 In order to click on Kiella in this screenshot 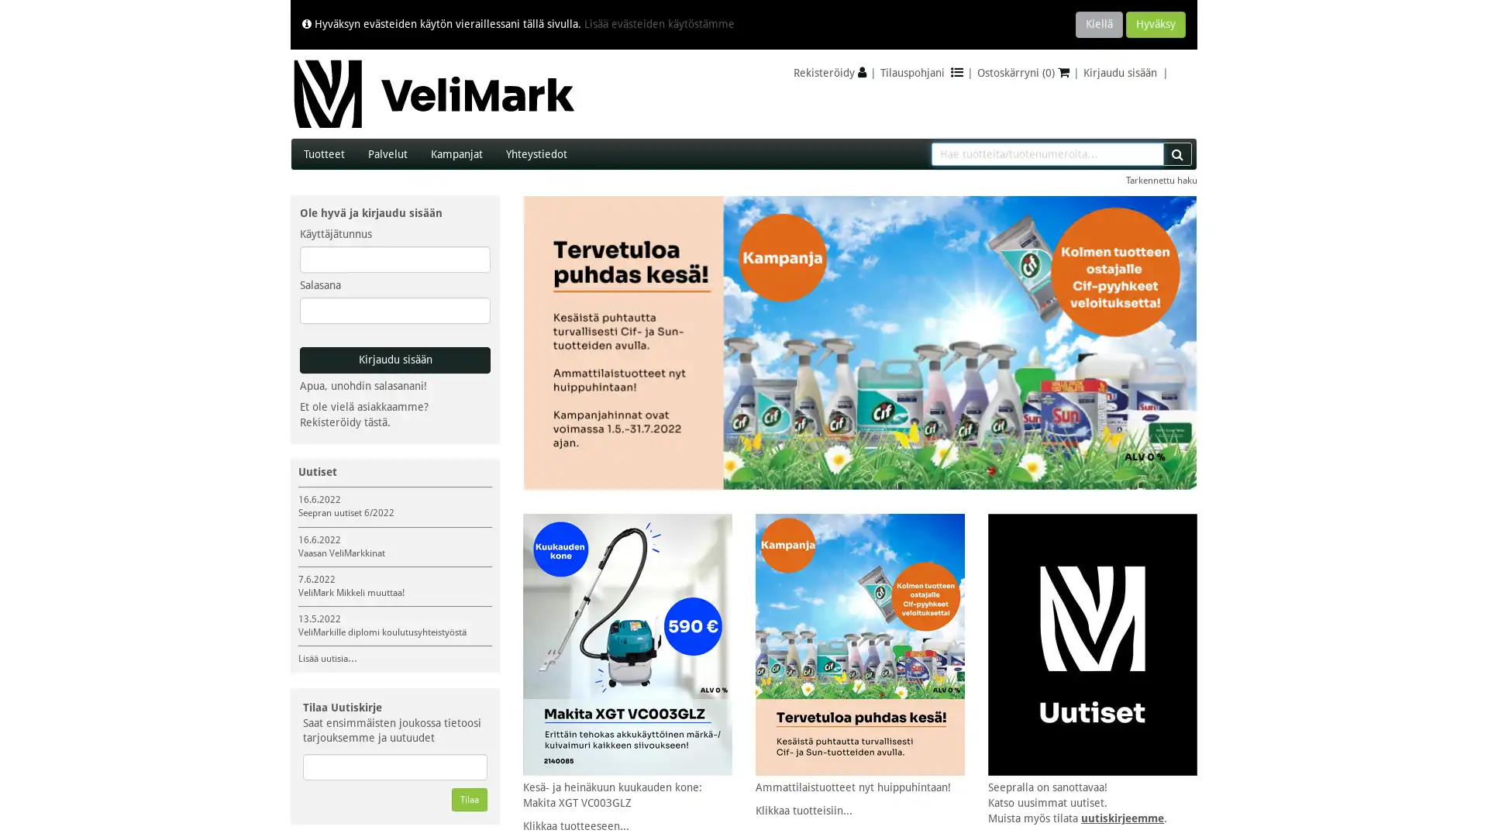, I will do `click(1098, 24)`.